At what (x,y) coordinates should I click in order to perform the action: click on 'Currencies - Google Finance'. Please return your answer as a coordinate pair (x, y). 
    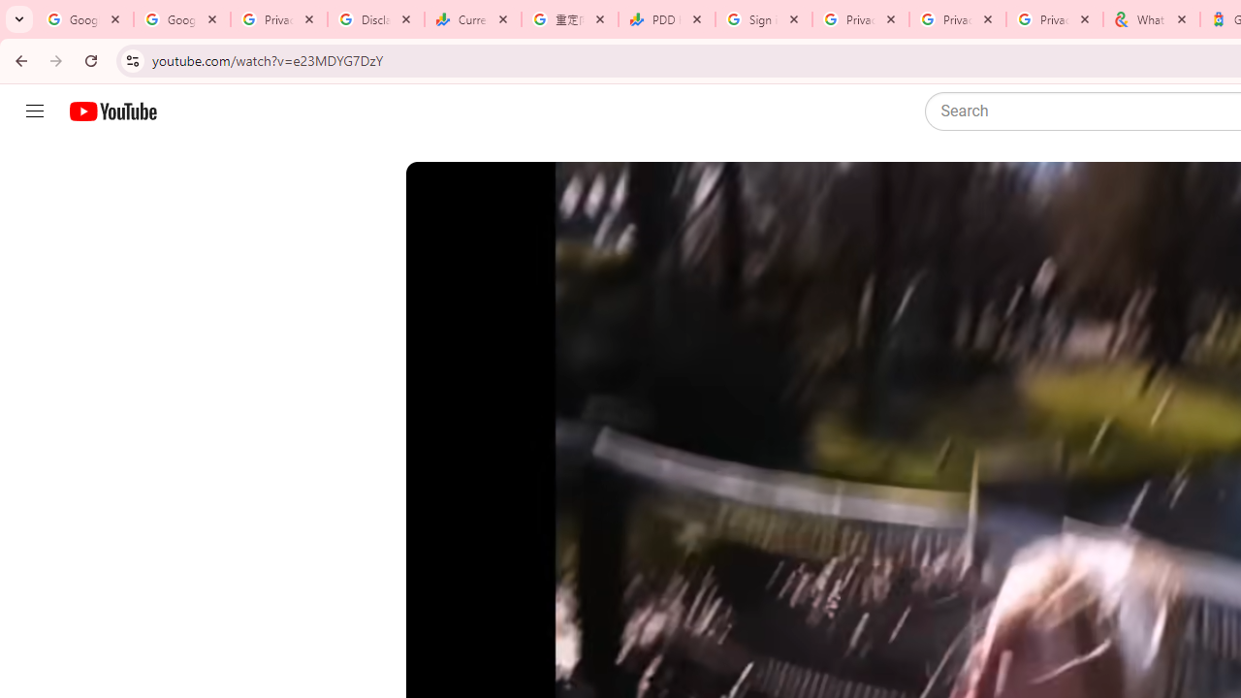
    Looking at the image, I should click on (472, 19).